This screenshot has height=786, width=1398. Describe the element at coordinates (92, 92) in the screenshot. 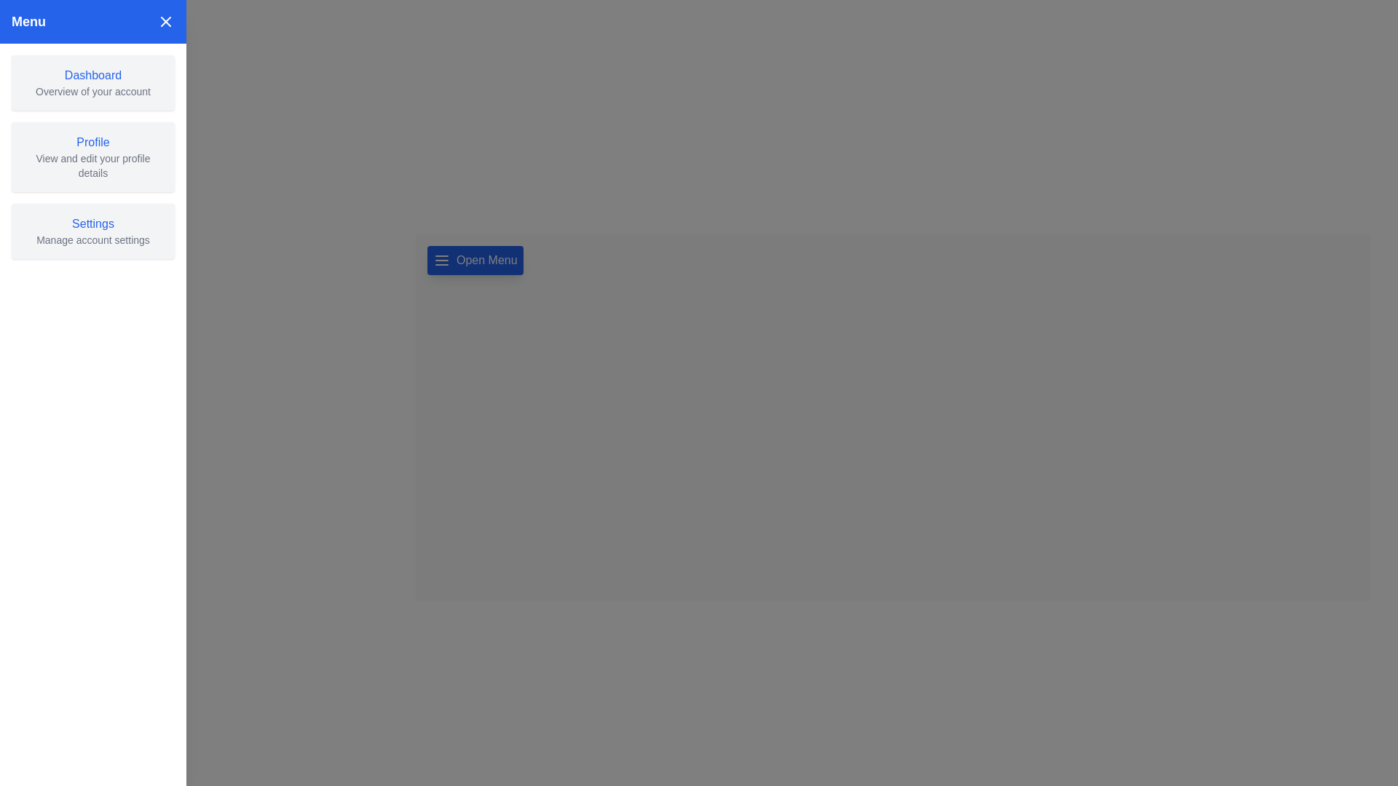

I see `the static text label displaying 'Overview of your account' in gray font, located below the 'Dashboard' item in the vertical navigation menu` at that location.